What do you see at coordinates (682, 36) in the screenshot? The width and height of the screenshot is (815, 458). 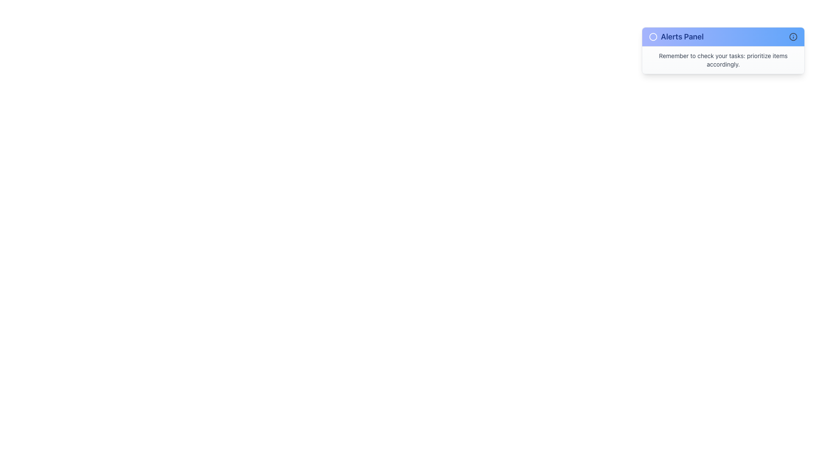 I see `the Text Label that serves as the header for the Alerts Panel, positioned to the right of a circular icon graphic` at bounding box center [682, 36].